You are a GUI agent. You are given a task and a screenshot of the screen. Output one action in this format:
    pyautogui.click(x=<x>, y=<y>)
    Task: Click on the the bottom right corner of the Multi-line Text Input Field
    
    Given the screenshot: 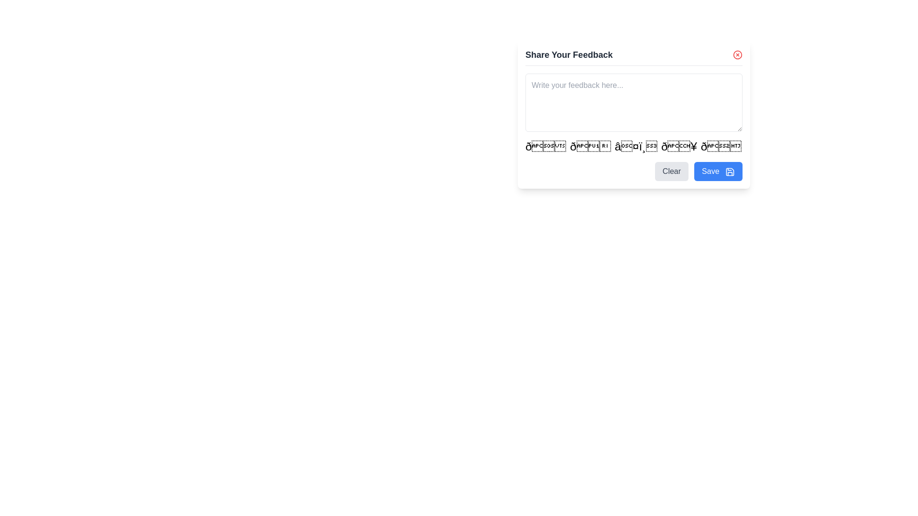 What is the action you would take?
    pyautogui.click(x=634, y=103)
    